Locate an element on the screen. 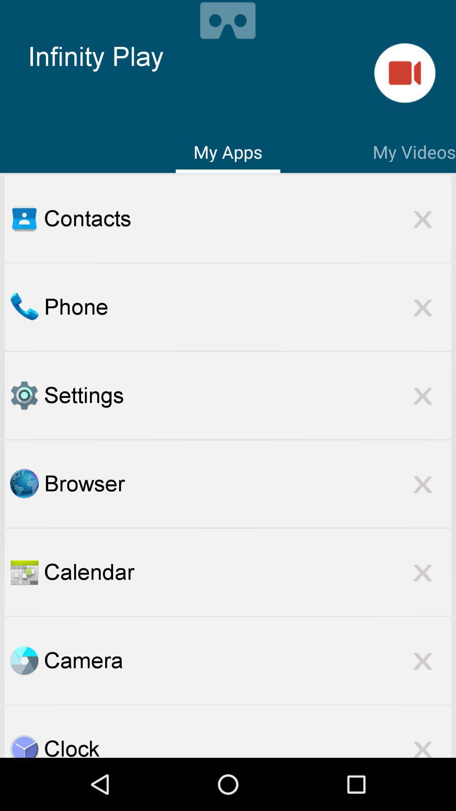 Image resolution: width=456 pixels, height=811 pixels. the settings icon is located at coordinates (247, 395).